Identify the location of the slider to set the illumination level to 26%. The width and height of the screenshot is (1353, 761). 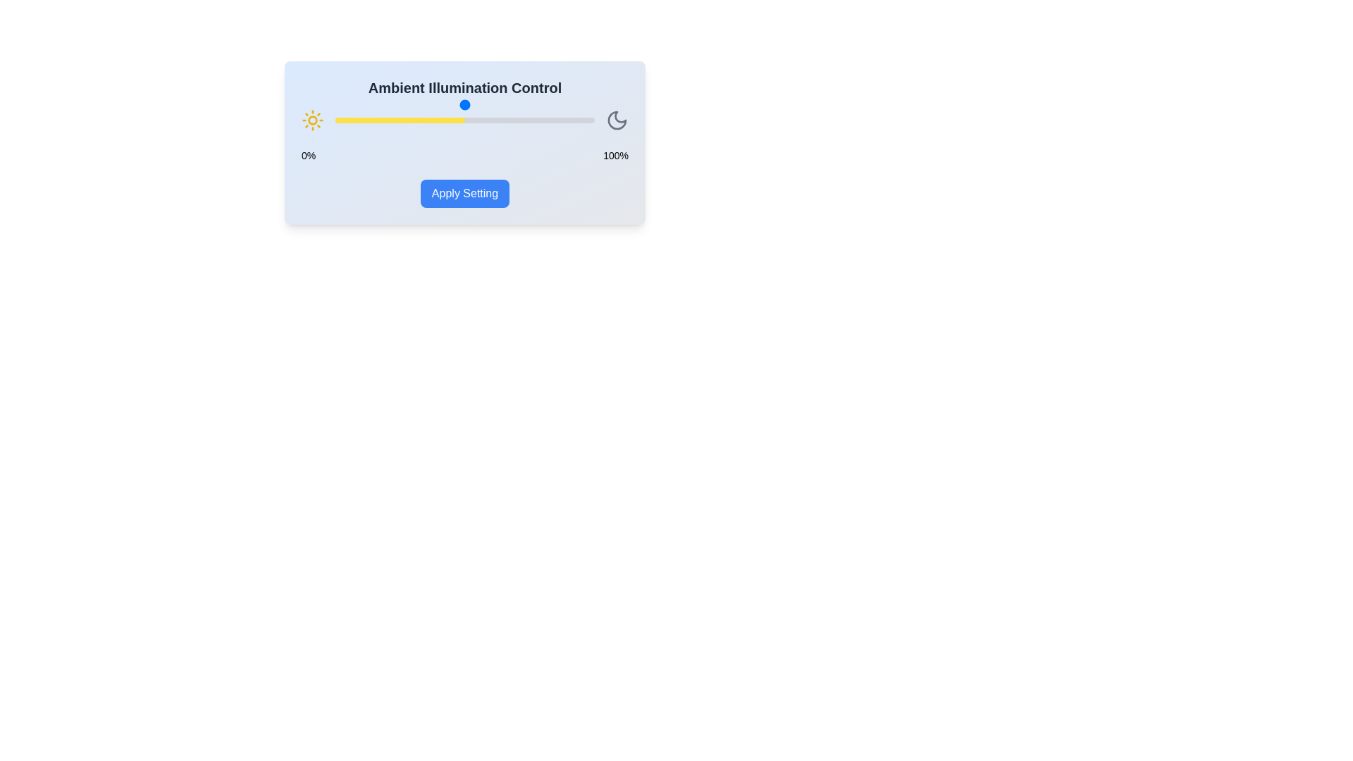
(402, 119).